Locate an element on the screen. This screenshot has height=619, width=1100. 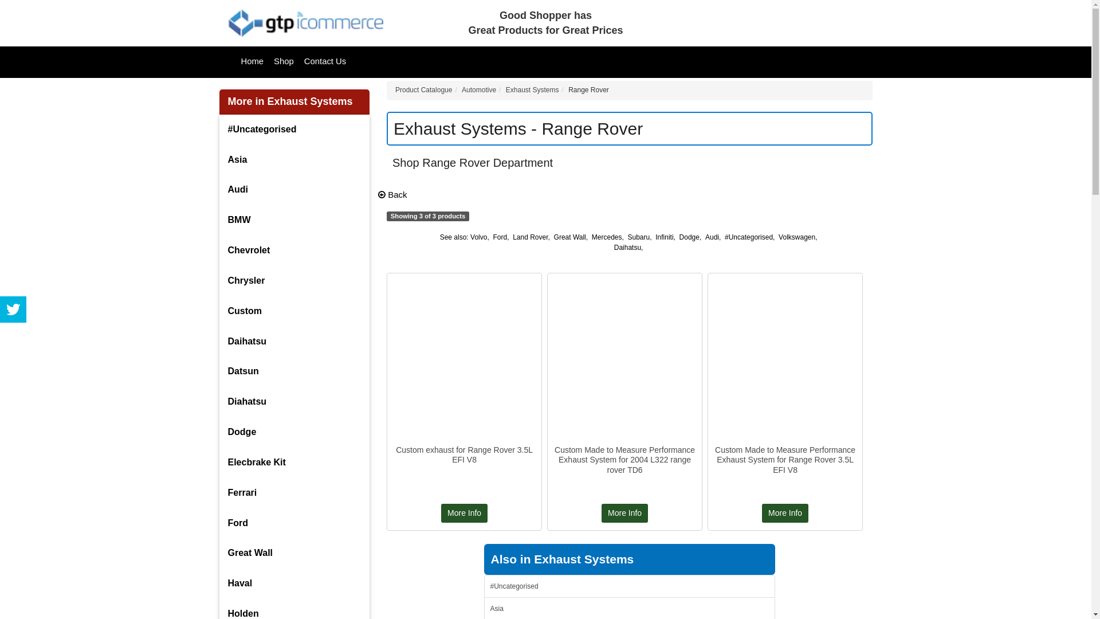
'Land Rover' is located at coordinates (529, 236).